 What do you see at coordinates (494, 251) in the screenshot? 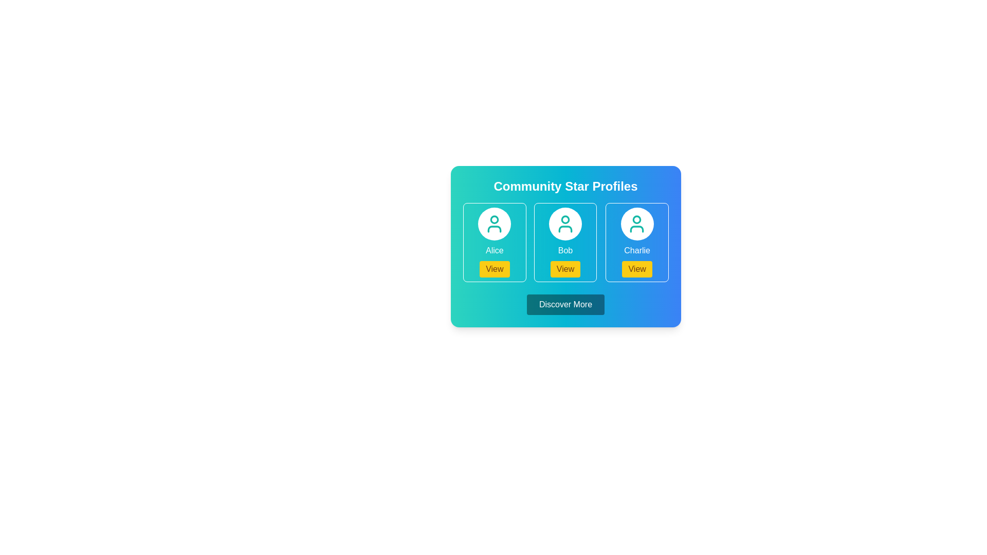
I see `the text label displaying 'Alice', which is positioned beneath a user icon and above a yellow 'View' button within the bordered card labeled 'AliceView'` at bounding box center [494, 251].